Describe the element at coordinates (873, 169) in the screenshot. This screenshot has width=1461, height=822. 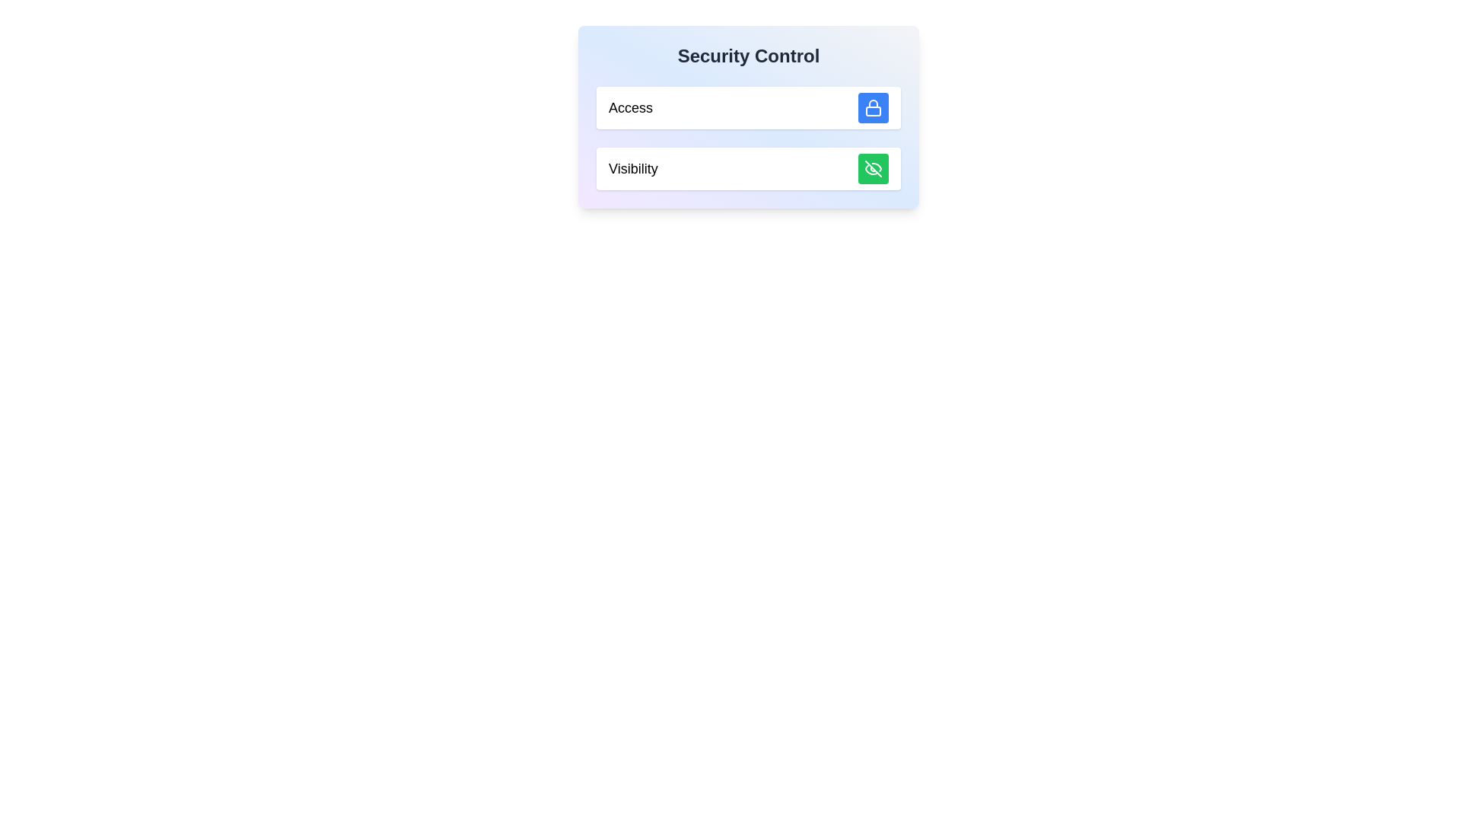
I see `the decorative icon element representing the 'eye-off' visibility toggle in the bottom-right portion of the 'Visibility' row in the 'Security Control' panel` at that location.